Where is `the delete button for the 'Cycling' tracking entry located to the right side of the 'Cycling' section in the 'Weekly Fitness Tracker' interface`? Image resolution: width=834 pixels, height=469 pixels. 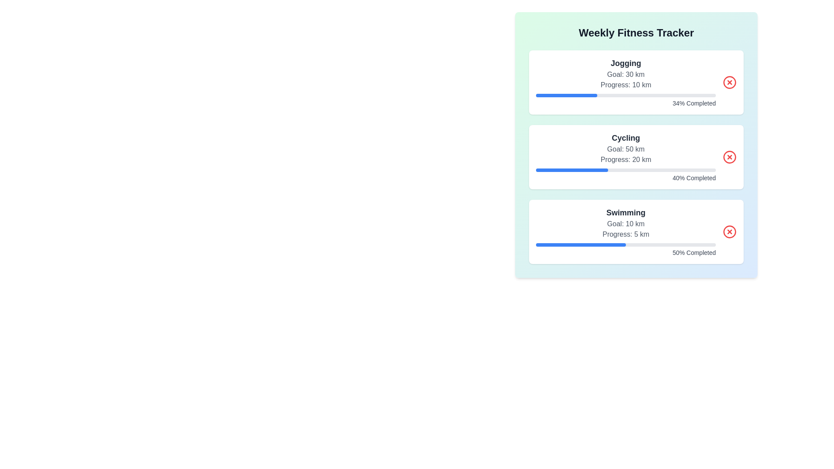 the delete button for the 'Cycling' tracking entry located to the right side of the 'Cycling' section in the 'Weekly Fitness Tracker' interface is located at coordinates (730, 157).